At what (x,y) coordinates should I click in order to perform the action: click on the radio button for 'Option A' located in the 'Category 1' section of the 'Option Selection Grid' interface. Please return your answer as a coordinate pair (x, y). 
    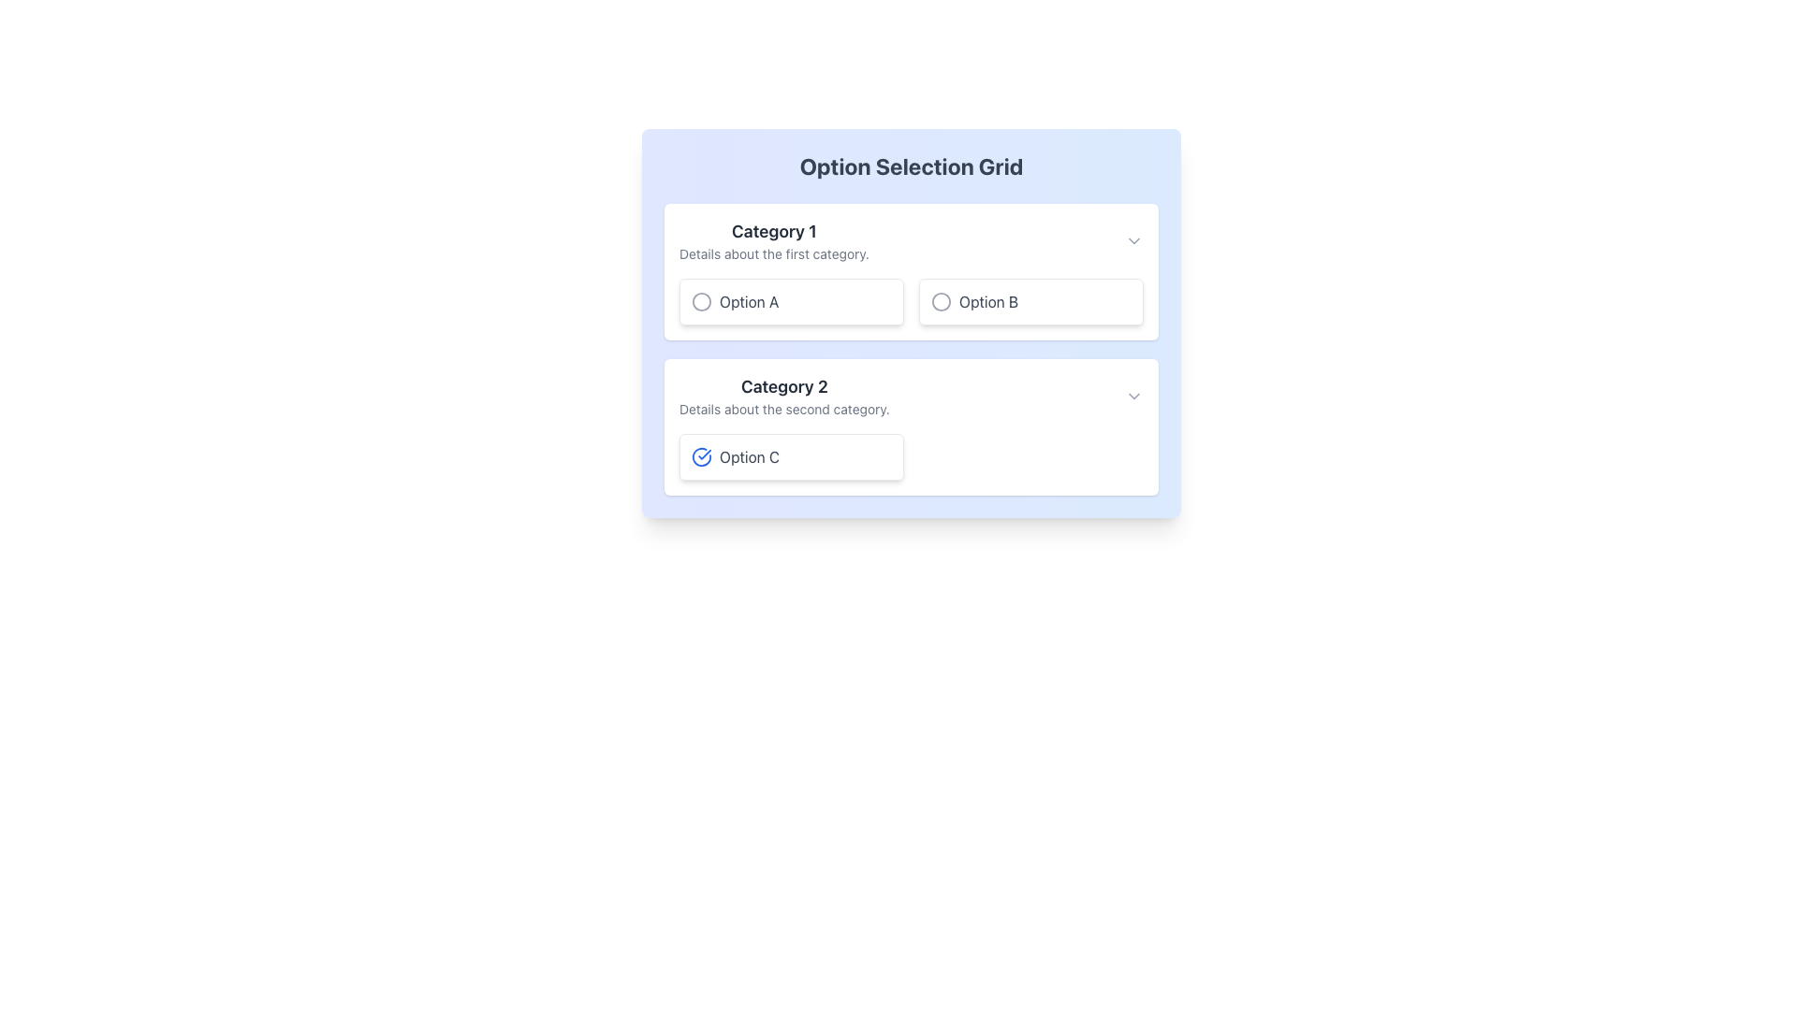
    Looking at the image, I should click on (700, 301).